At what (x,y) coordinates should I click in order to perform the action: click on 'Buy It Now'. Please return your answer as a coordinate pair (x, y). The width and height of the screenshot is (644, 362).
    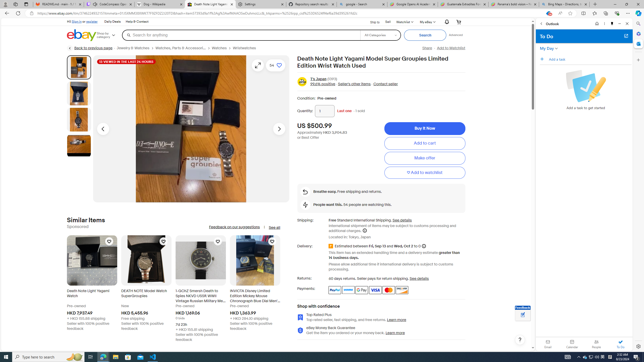
    Looking at the image, I should click on (424, 128).